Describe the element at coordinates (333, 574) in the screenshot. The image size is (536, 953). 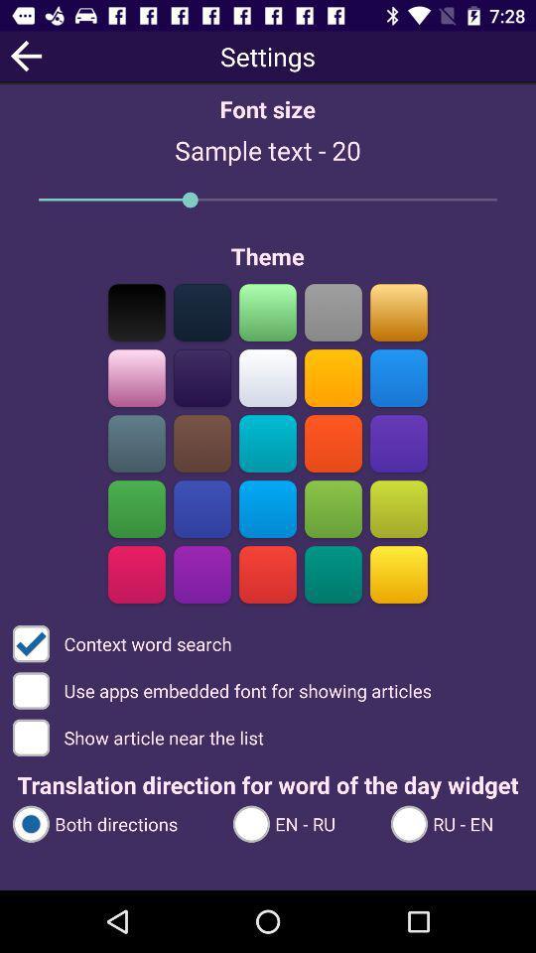
I see `the color bar` at that location.